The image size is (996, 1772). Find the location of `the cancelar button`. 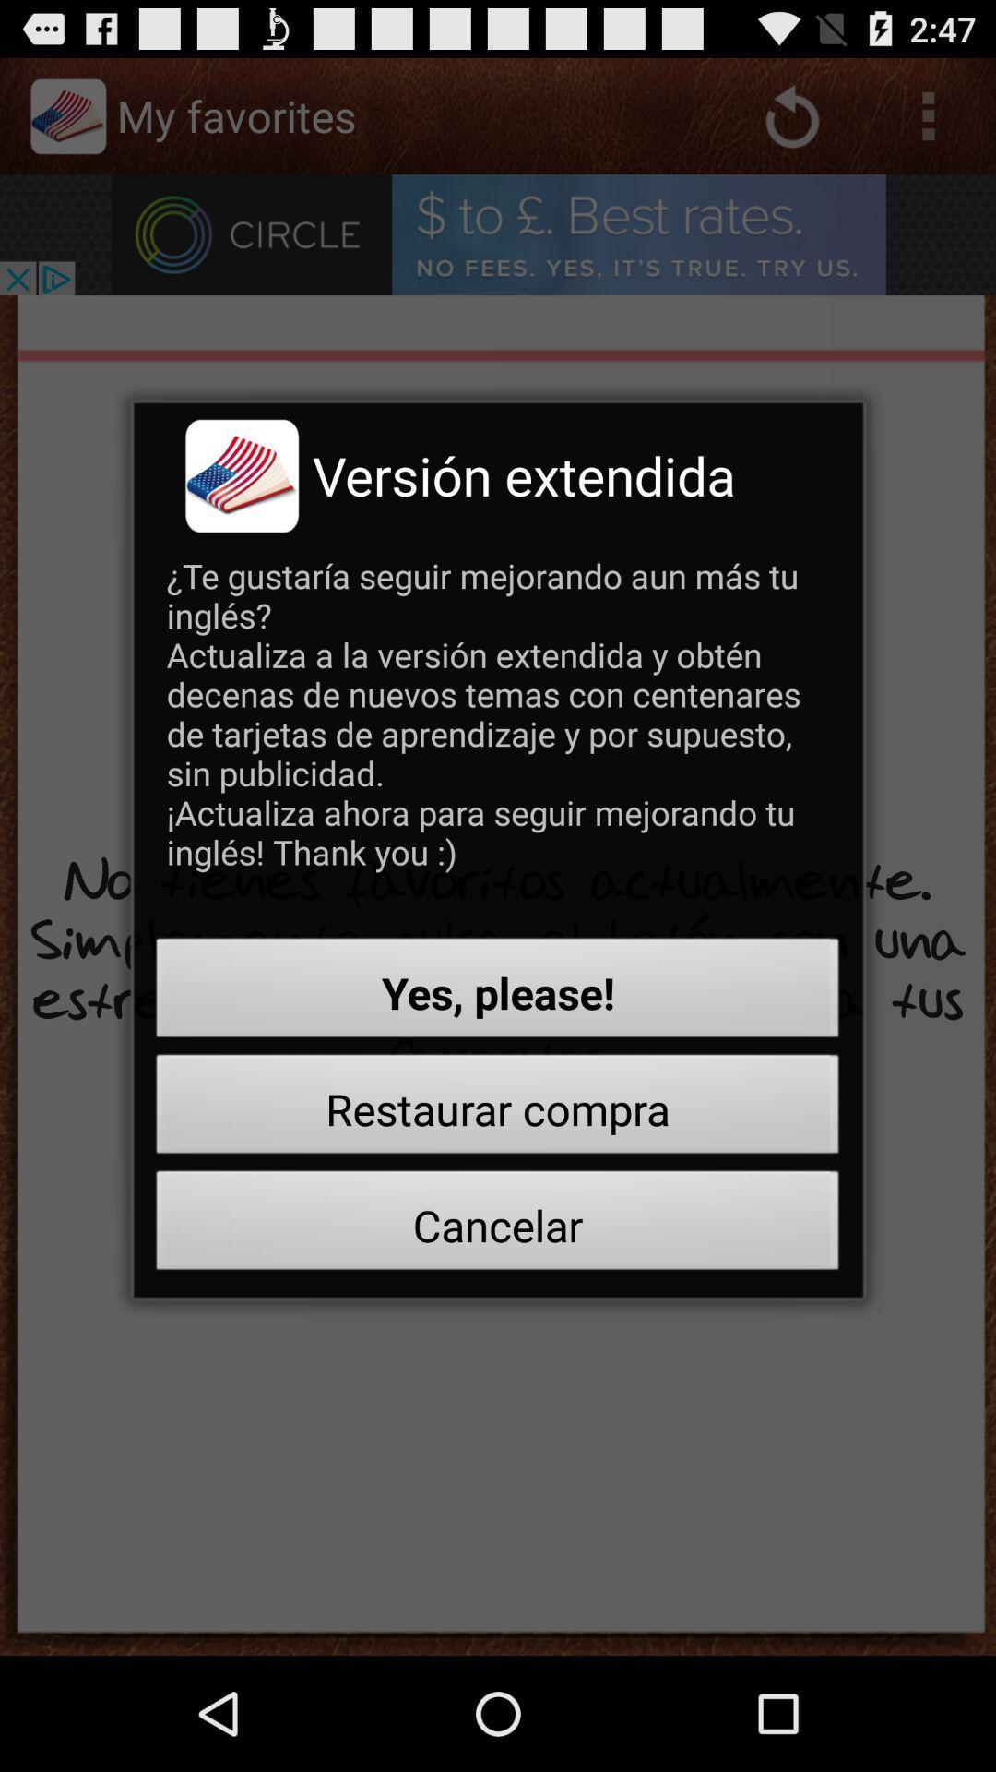

the cancelar button is located at coordinates (498, 1226).